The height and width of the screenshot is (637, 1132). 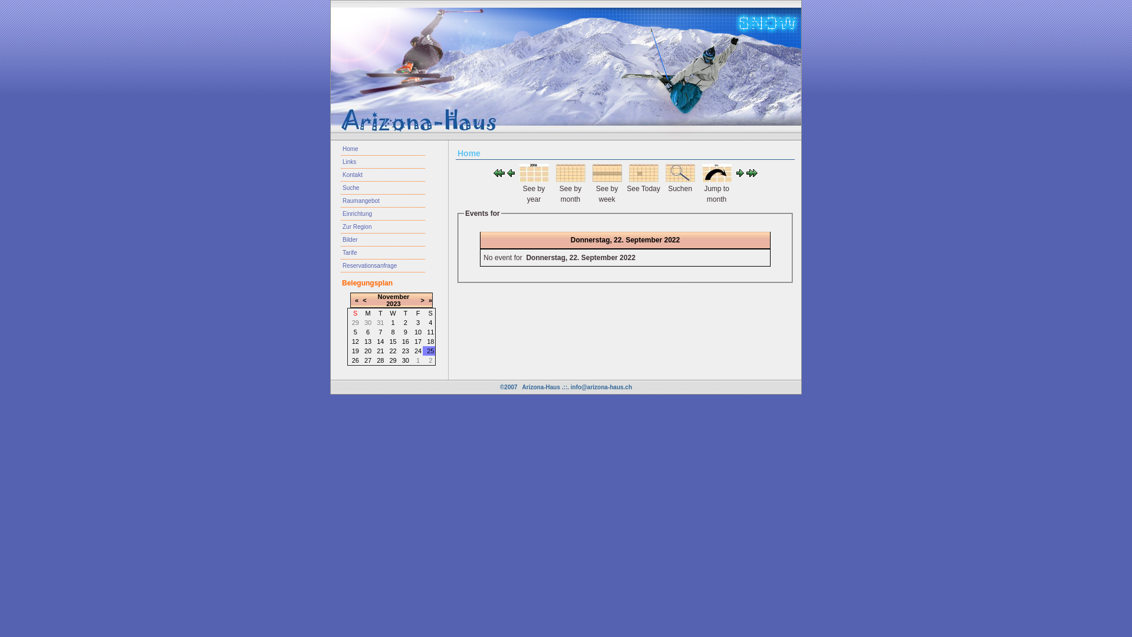 What do you see at coordinates (642, 179) in the screenshot?
I see `'See Today'` at bounding box center [642, 179].